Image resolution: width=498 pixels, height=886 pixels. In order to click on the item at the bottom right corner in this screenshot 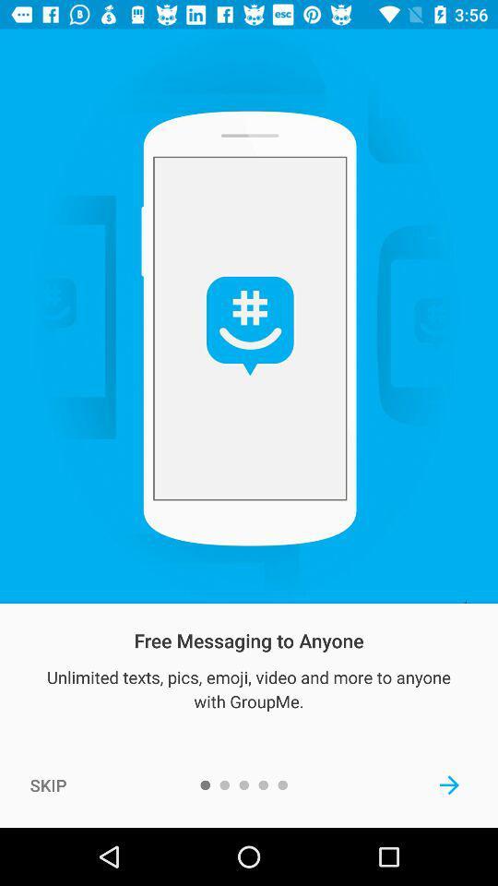, I will do `click(448, 784)`.